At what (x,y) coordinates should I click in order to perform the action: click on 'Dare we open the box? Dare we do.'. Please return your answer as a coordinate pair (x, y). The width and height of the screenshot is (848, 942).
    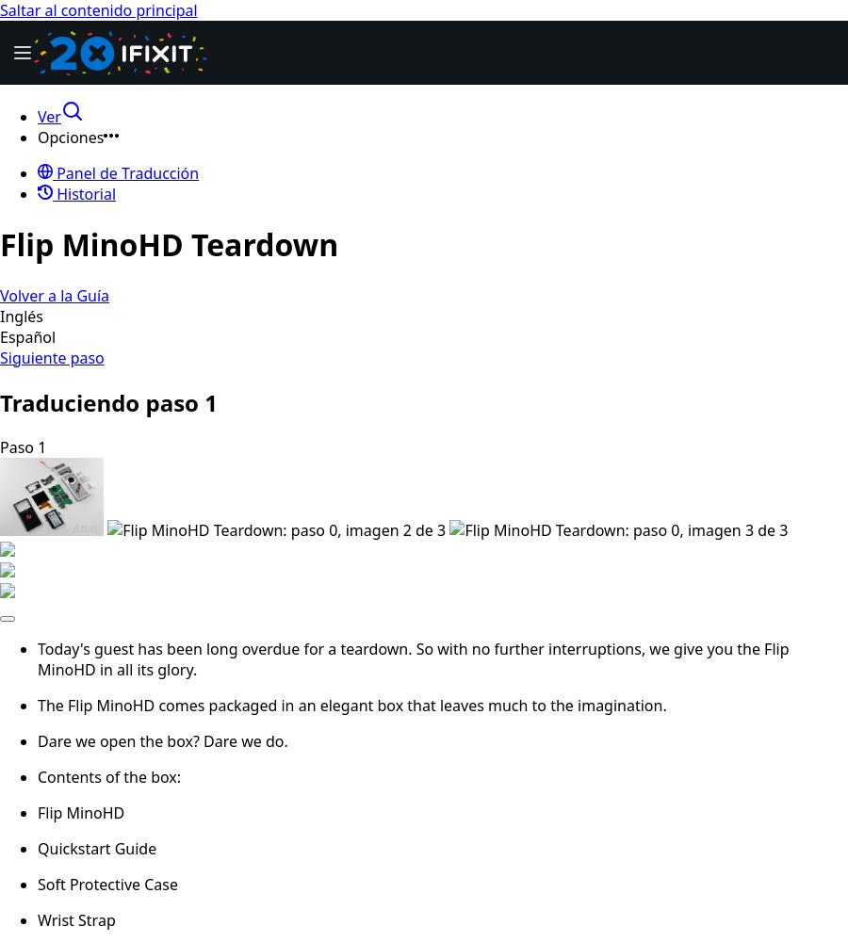
    Looking at the image, I should click on (162, 740).